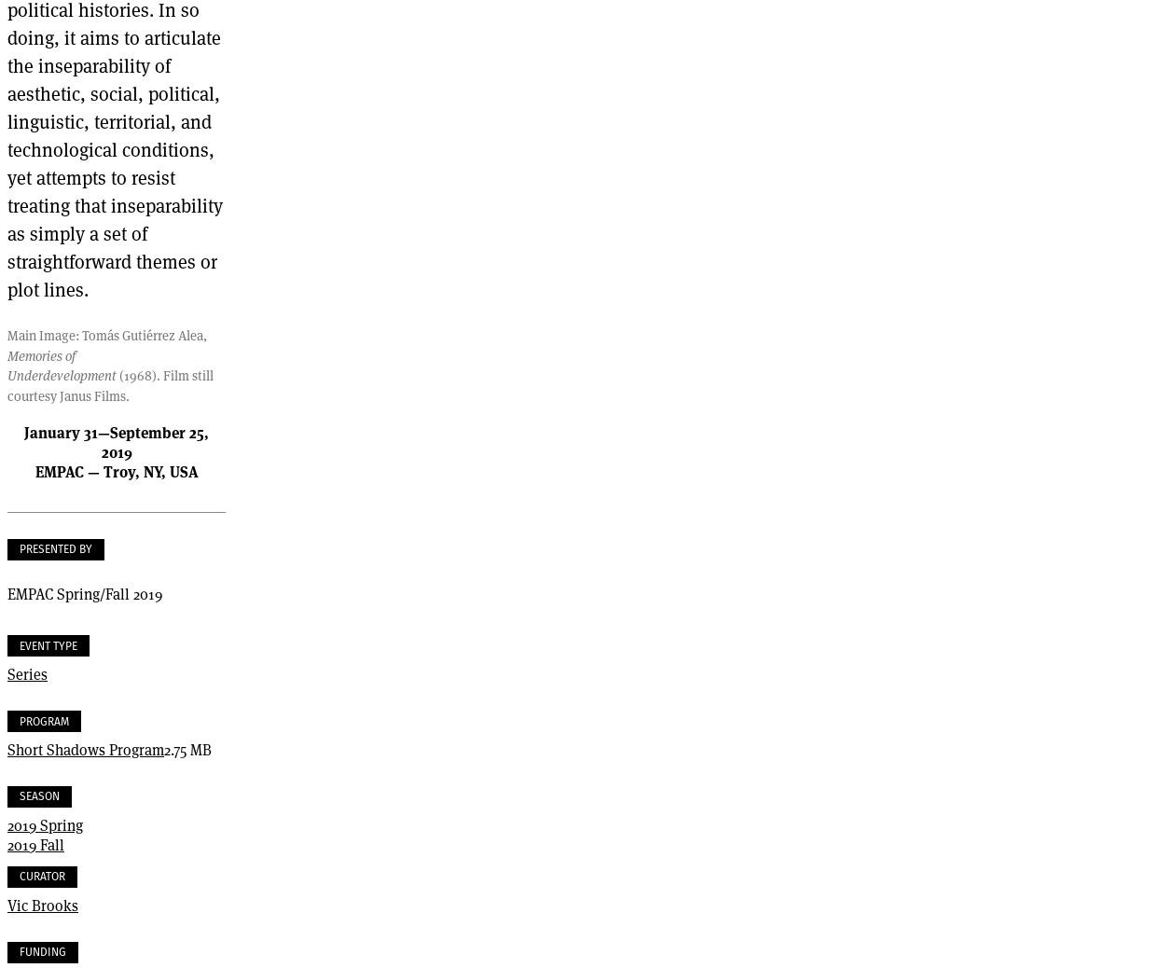 The image size is (1162, 968). Describe the element at coordinates (84, 749) in the screenshot. I see `'Short Shadows Program'` at that location.